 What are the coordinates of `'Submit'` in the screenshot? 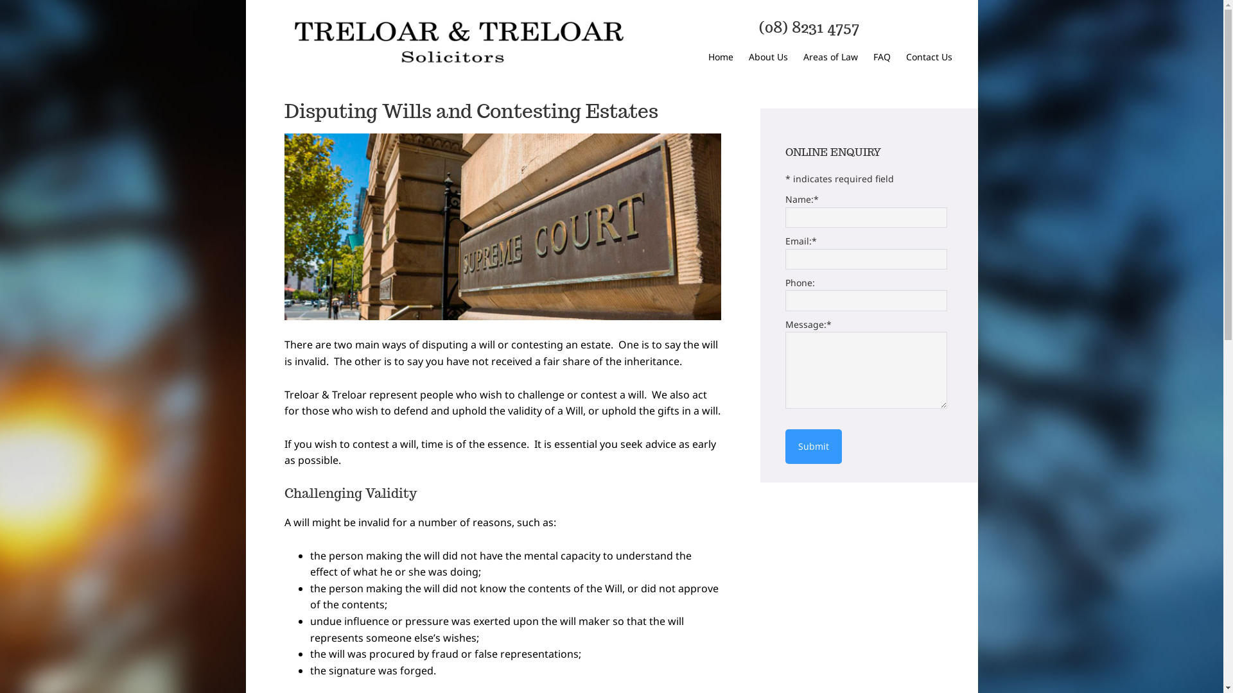 It's located at (812, 445).